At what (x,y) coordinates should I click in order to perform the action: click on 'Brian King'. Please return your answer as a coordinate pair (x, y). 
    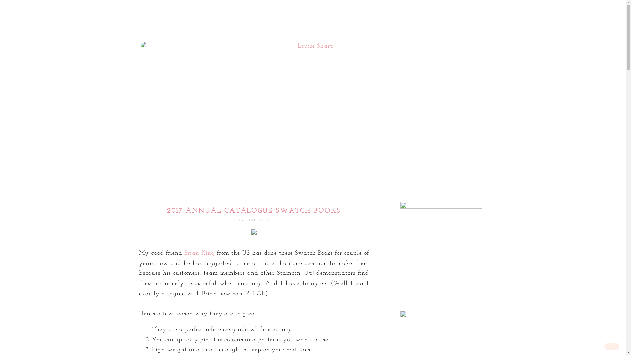
    Looking at the image, I should click on (199, 253).